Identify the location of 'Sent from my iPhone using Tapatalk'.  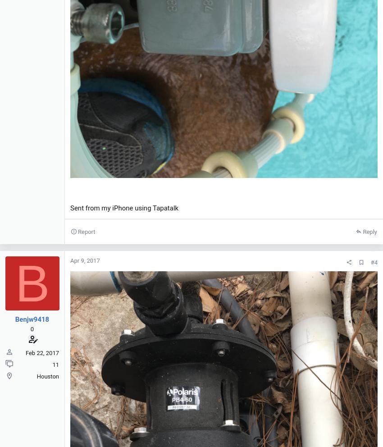
(123, 208).